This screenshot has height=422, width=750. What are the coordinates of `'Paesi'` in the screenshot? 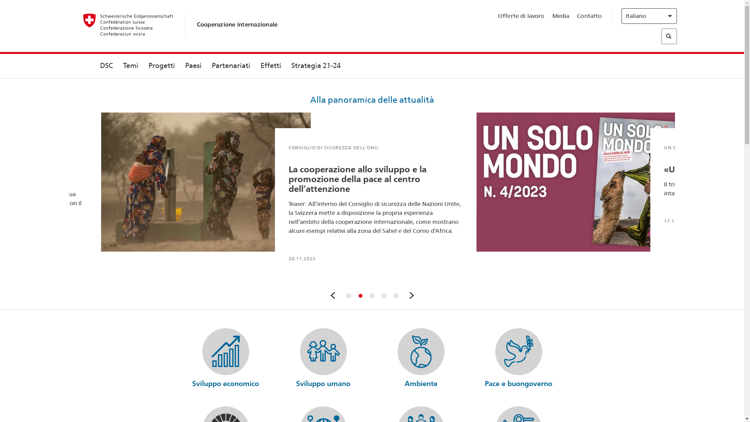 It's located at (193, 66).